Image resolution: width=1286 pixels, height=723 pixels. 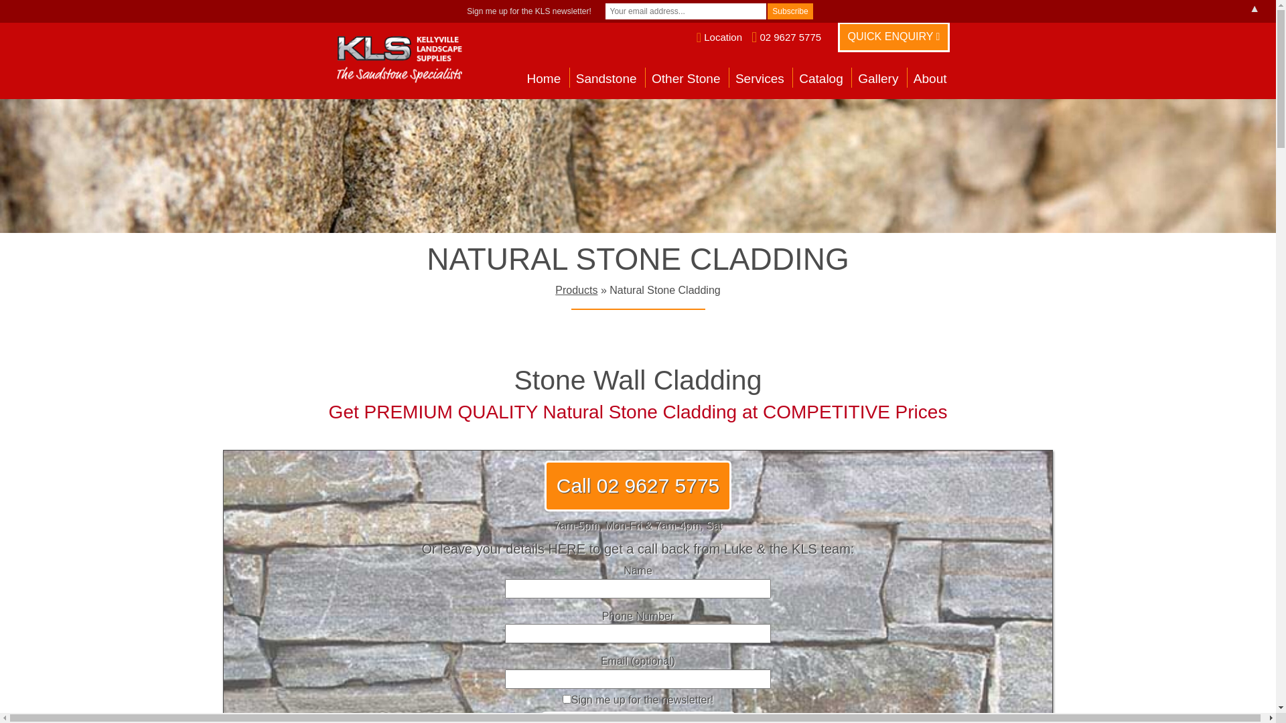 I want to click on 'Home', so click(x=544, y=80).